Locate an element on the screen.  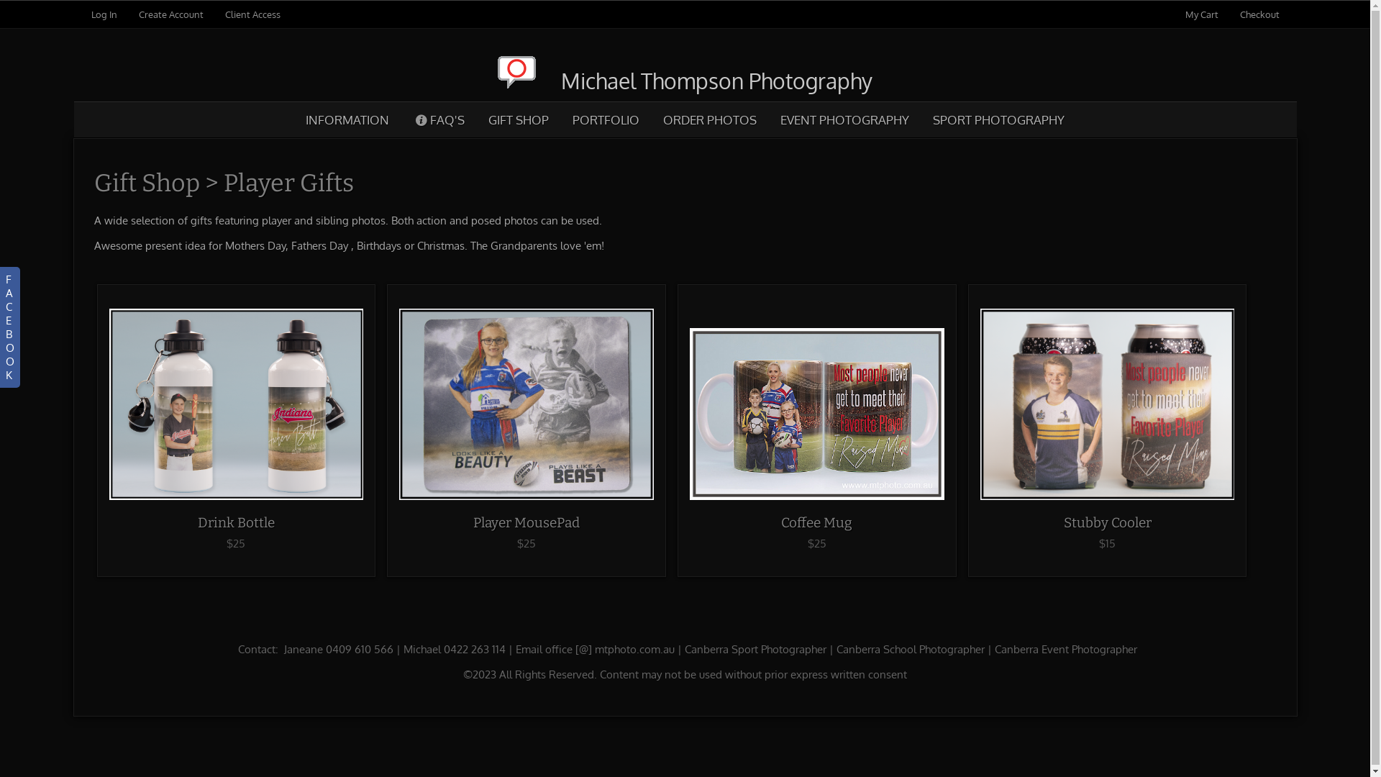
'FAQ'S' is located at coordinates (438, 119).